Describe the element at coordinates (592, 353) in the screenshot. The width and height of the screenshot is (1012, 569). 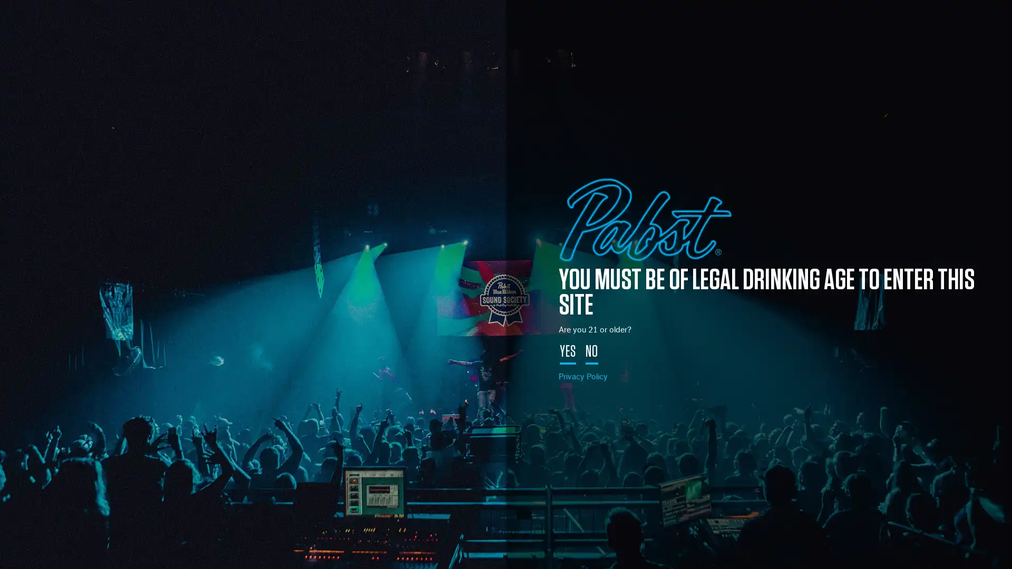
I see `NO` at that location.